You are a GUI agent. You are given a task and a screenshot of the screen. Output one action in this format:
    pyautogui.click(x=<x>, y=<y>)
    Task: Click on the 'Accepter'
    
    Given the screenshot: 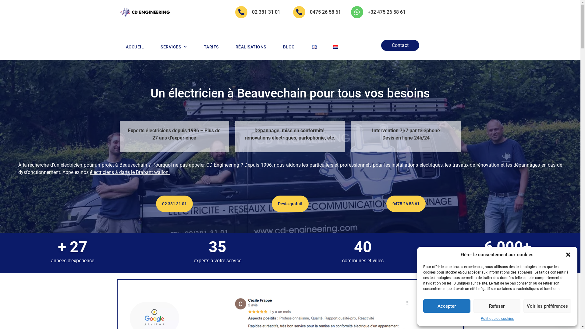 What is the action you would take?
    pyautogui.click(x=447, y=306)
    